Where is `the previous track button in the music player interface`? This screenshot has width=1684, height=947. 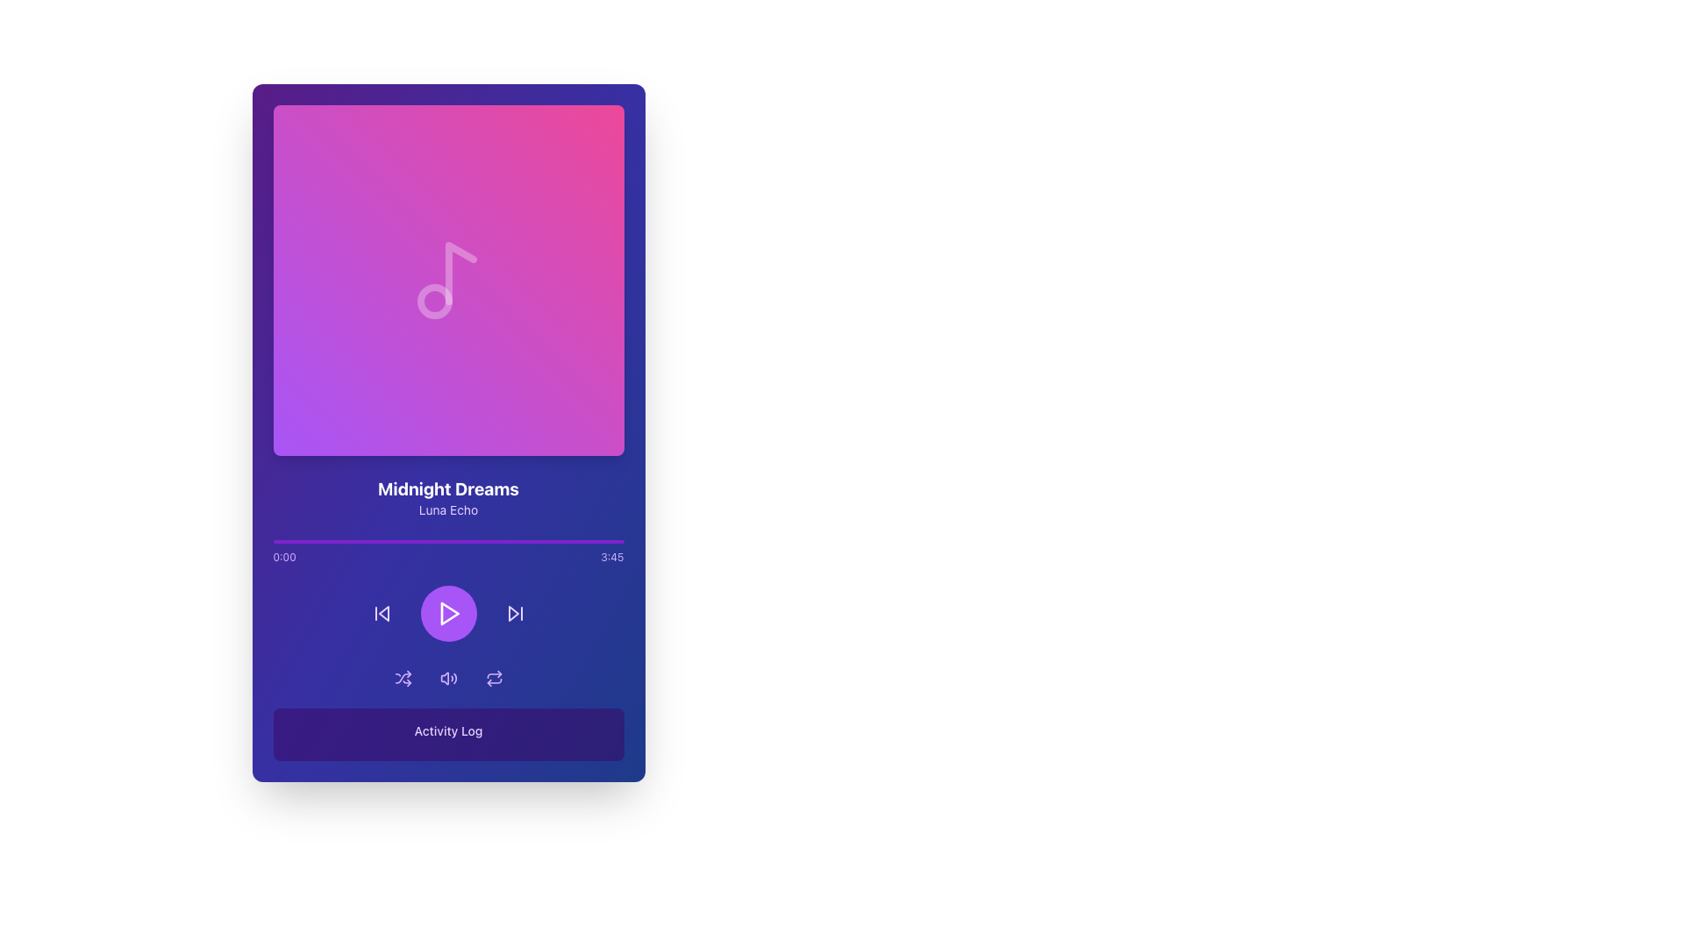 the previous track button in the music player interface is located at coordinates (382, 612).